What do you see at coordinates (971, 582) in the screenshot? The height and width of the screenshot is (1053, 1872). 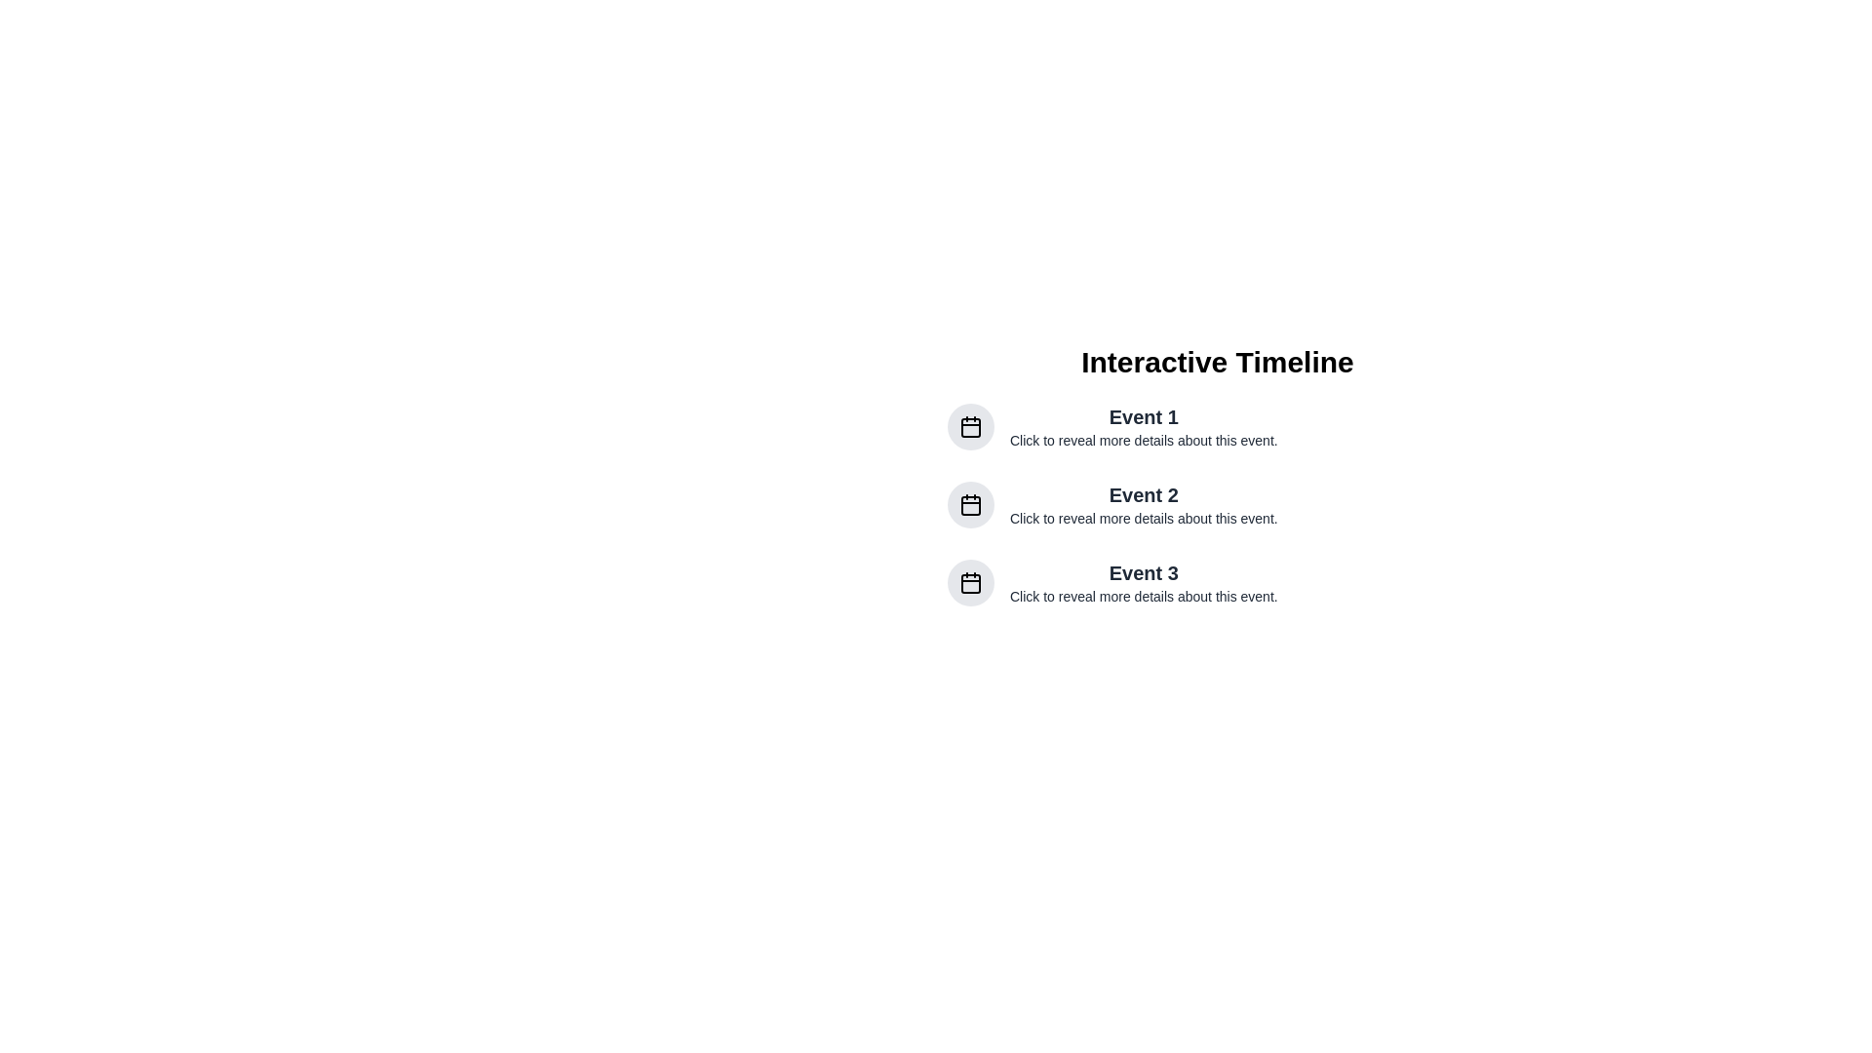 I see `the calendar icon located next to the text 'Event 3' in the interactive timeline to interact with it` at bounding box center [971, 582].